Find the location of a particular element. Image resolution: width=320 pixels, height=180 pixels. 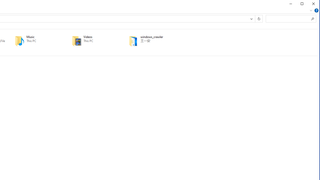

'Help' is located at coordinates (316, 10).